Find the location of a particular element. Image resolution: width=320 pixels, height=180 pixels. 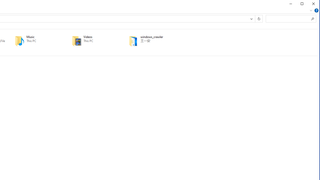

'Help' is located at coordinates (316, 10).